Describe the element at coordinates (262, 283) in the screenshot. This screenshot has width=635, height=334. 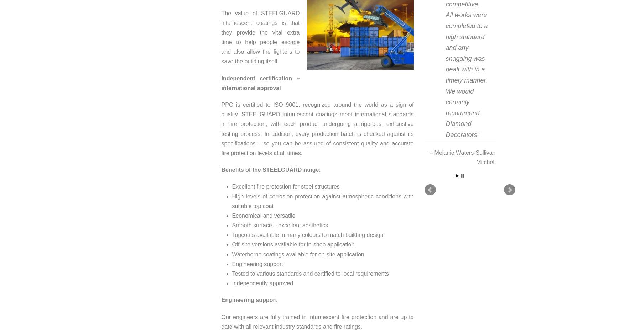
I see `'Independently approved'` at that location.